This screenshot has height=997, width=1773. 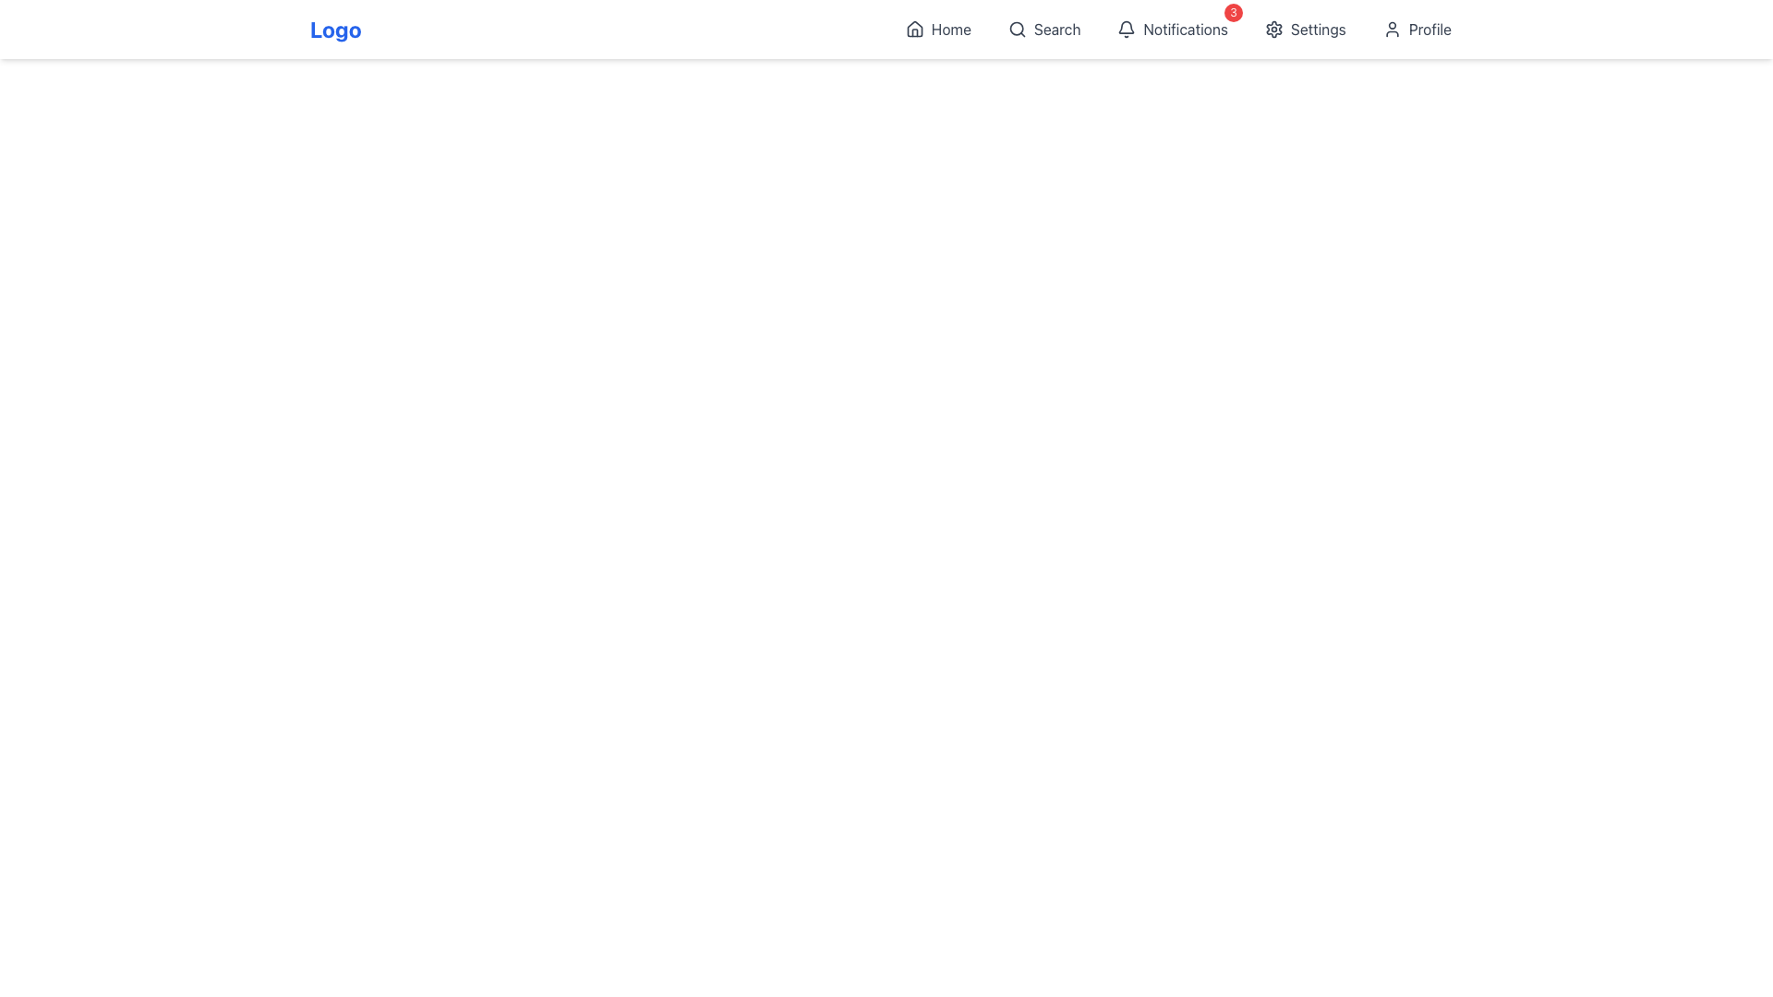 I want to click on the 'Search' label in the header navigation bar, so click(x=1057, y=29).